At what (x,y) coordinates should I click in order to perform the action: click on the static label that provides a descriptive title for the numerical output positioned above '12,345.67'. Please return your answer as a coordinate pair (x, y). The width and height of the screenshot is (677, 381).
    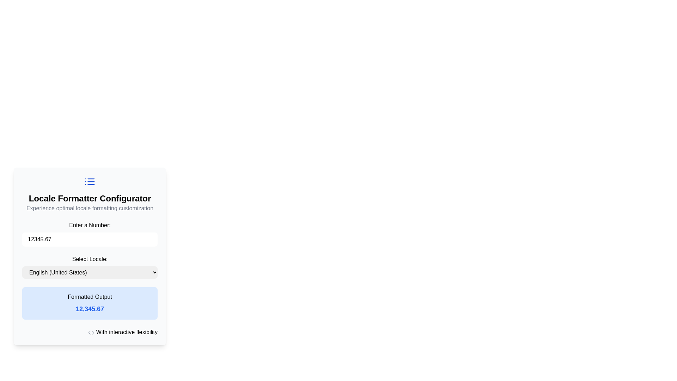
    Looking at the image, I should click on (89, 297).